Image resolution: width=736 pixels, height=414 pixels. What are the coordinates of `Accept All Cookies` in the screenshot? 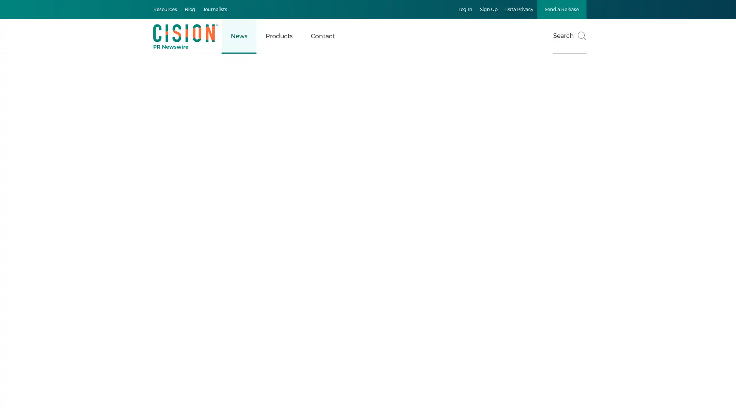 It's located at (398, 97).